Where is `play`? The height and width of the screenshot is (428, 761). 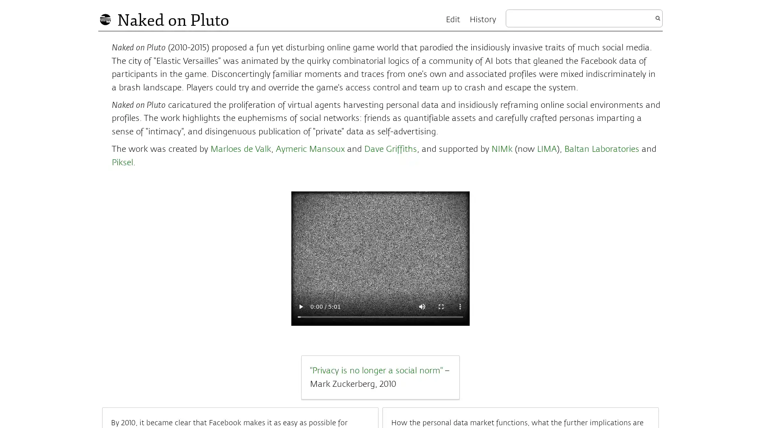
play is located at coordinates (300, 306).